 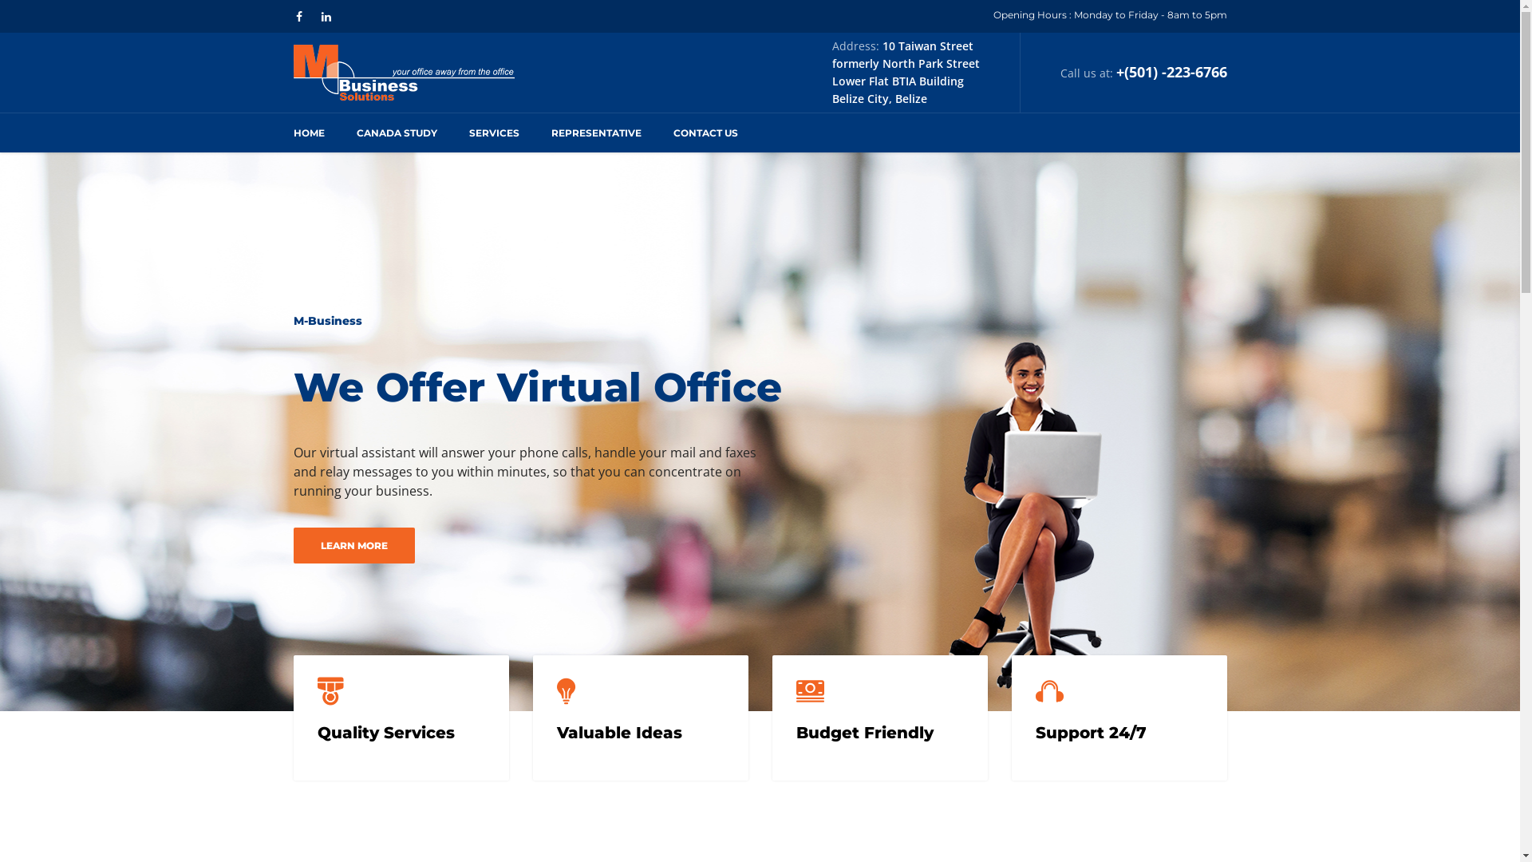 I want to click on 'REPRESENTATIVE', so click(x=535, y=132).